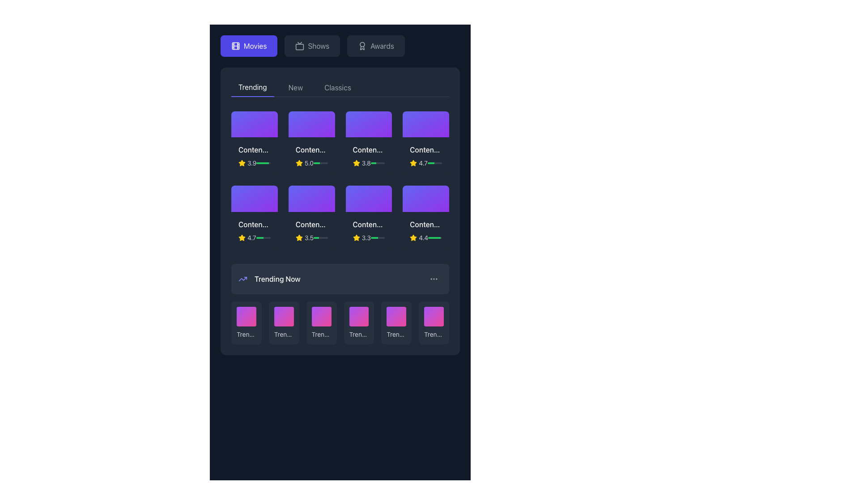  I want to click on the small yellow star icon which indicates a rating, located to the left of the numeric rating score in the content card under the 'Trending' tab, so click(413, 237).